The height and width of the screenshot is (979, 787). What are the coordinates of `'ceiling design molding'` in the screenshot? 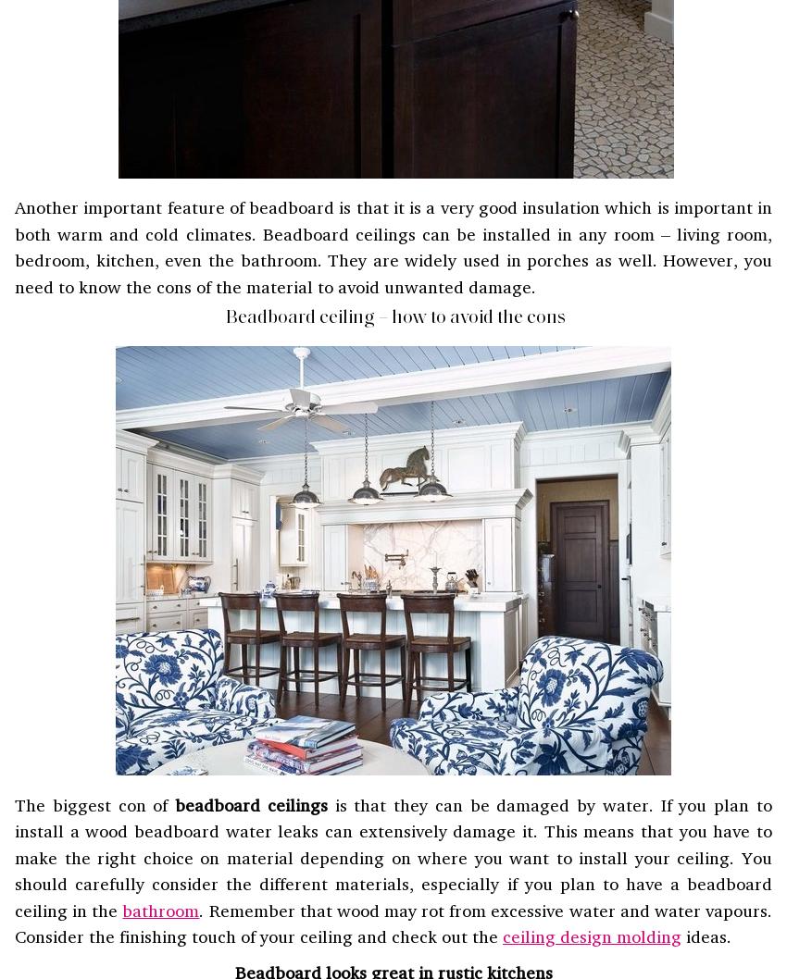 It's located at (592, 935).